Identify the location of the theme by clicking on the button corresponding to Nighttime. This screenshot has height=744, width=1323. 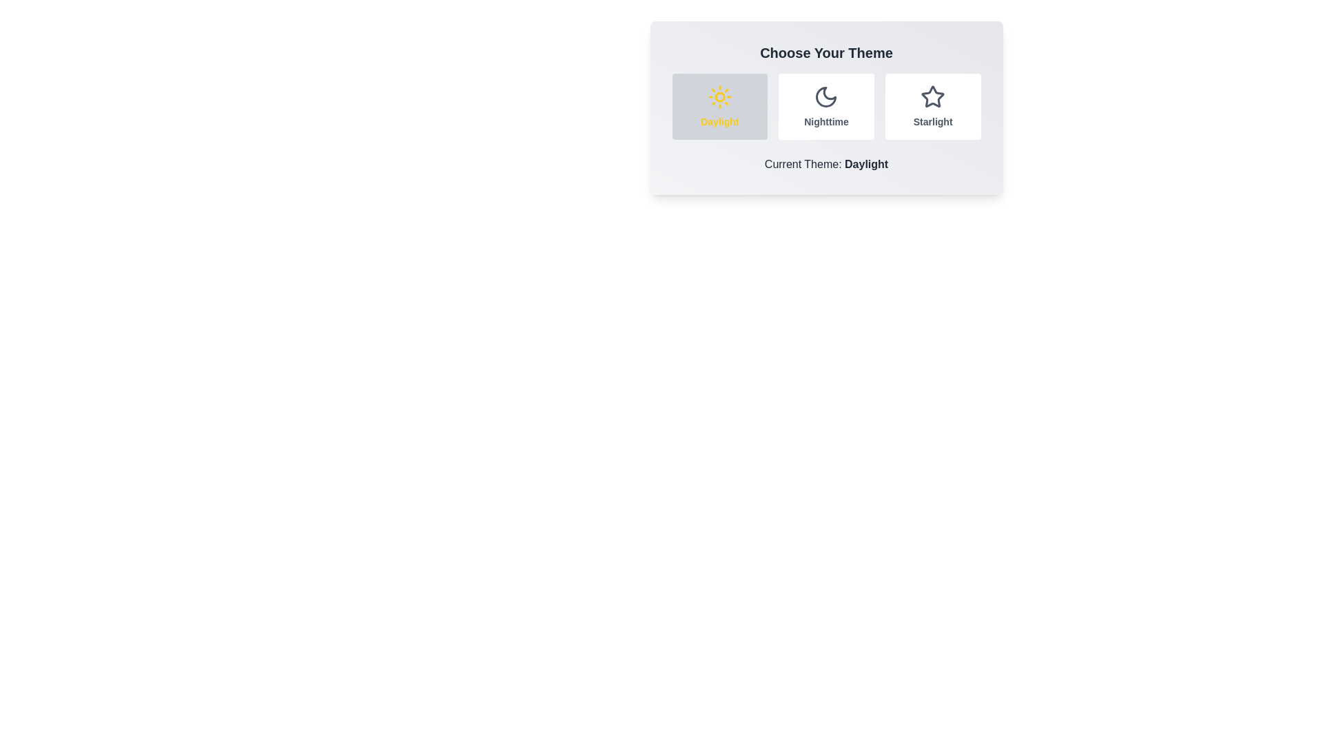
(826, 105).